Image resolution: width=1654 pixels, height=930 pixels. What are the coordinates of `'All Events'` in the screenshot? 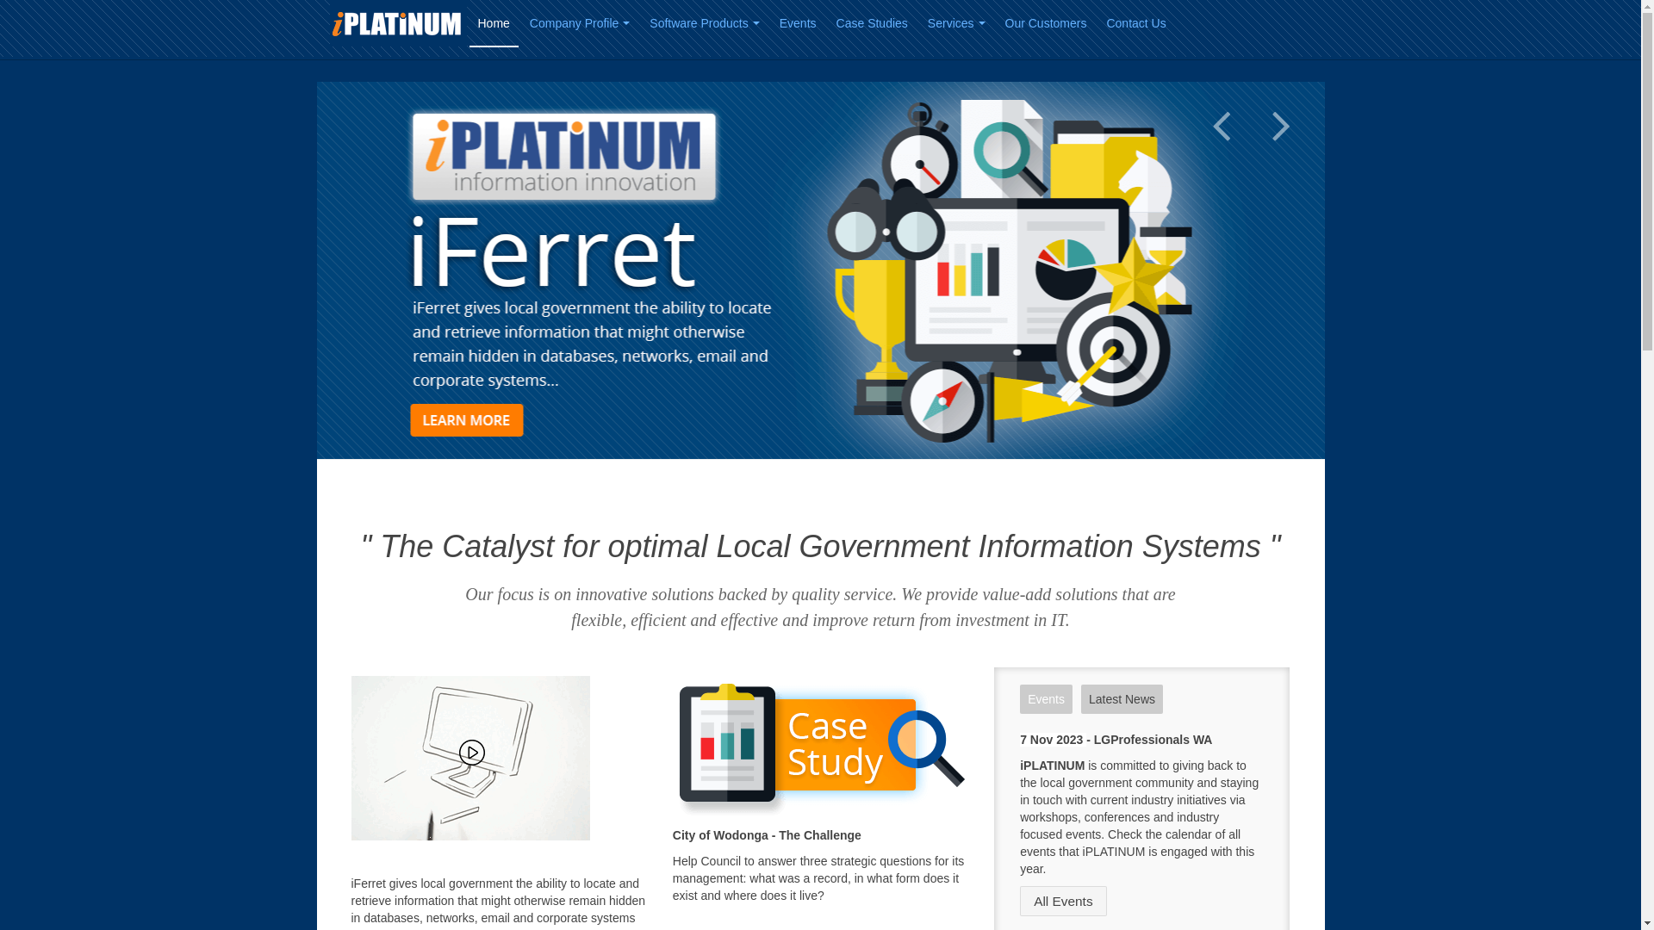 It's located at (1061, 900).